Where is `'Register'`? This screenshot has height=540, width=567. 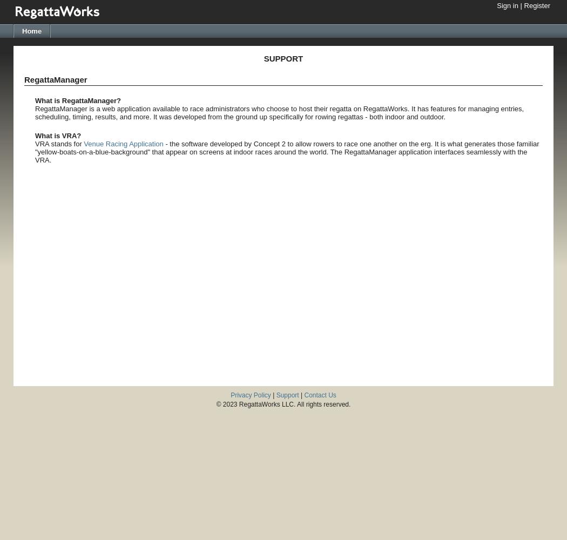
'Register' is located at coordinates (537, 5).